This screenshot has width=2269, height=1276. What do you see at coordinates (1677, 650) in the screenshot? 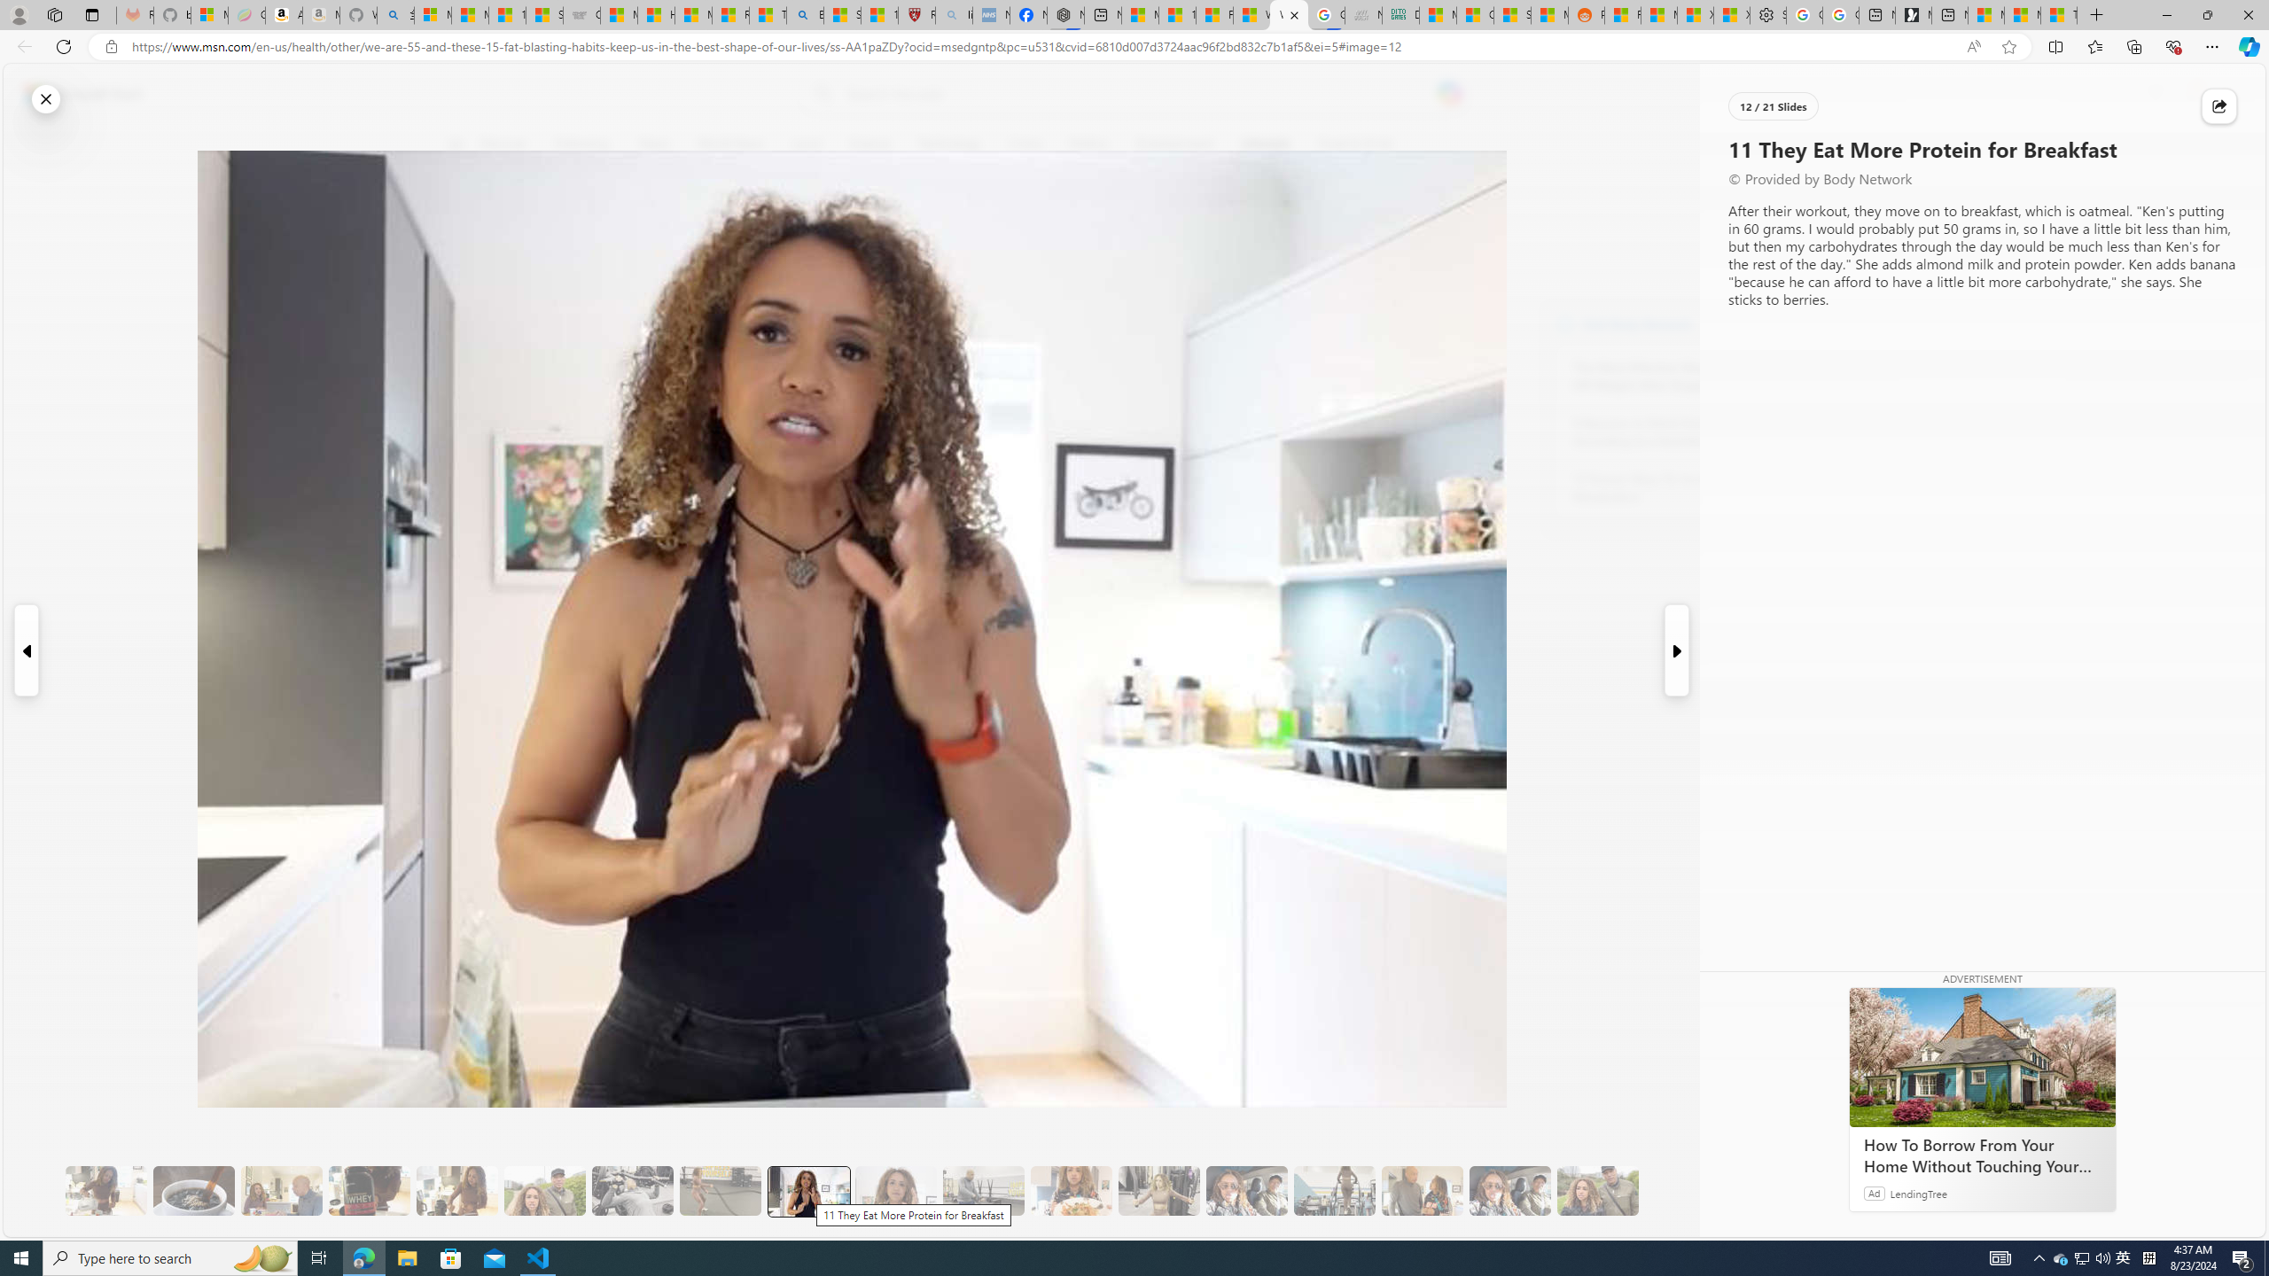
I see `'Next Slide'` at bounding box center [1677, 650].